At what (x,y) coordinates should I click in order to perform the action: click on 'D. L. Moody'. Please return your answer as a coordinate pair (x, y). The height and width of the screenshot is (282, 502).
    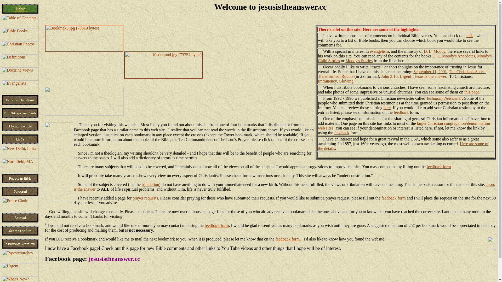
    Looking at the image, I should click on (435, 51).